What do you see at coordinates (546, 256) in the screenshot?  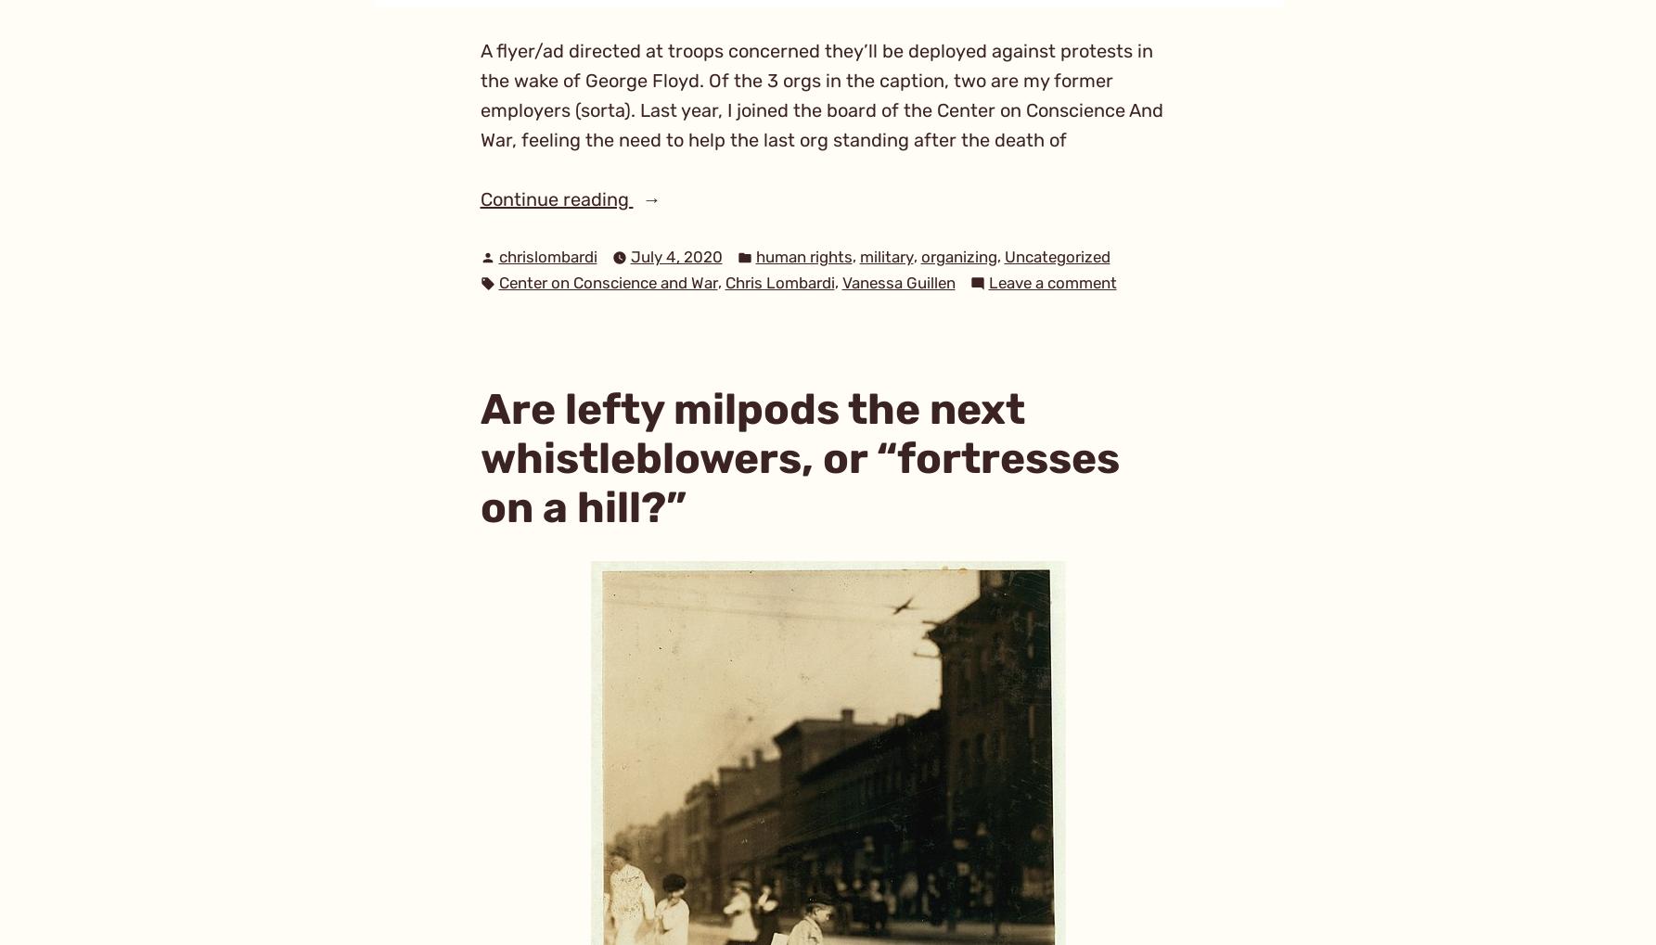 I see `'chrislombardi'` at bounding box center [546, 256].